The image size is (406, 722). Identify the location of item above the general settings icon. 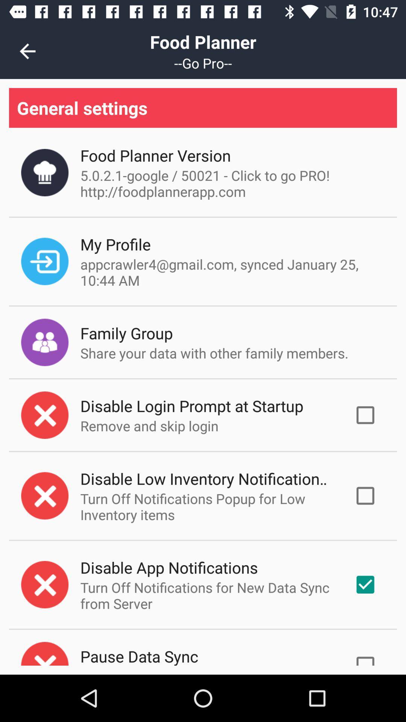
(27, 51).